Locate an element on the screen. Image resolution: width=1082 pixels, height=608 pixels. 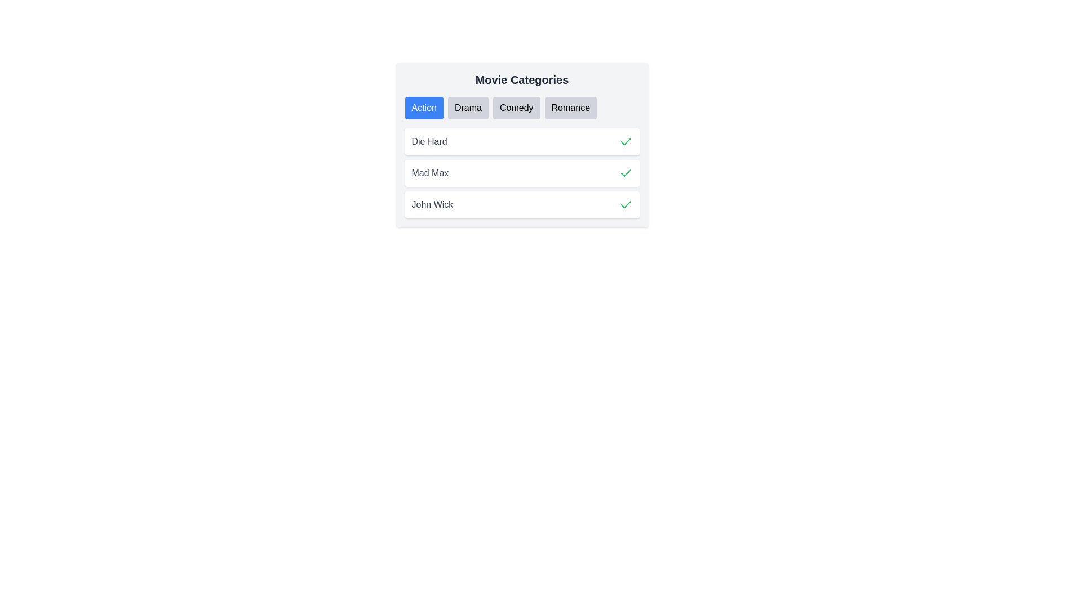
text from the Text Label that serves as the heading for movie categories, positioned at the top center of the interface is located at coordinates (521, 79).